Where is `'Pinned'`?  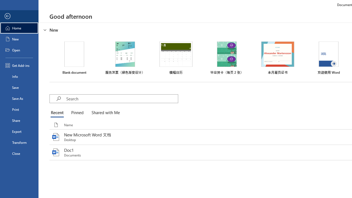 'Pinned' is located at coordinates (77, 113).